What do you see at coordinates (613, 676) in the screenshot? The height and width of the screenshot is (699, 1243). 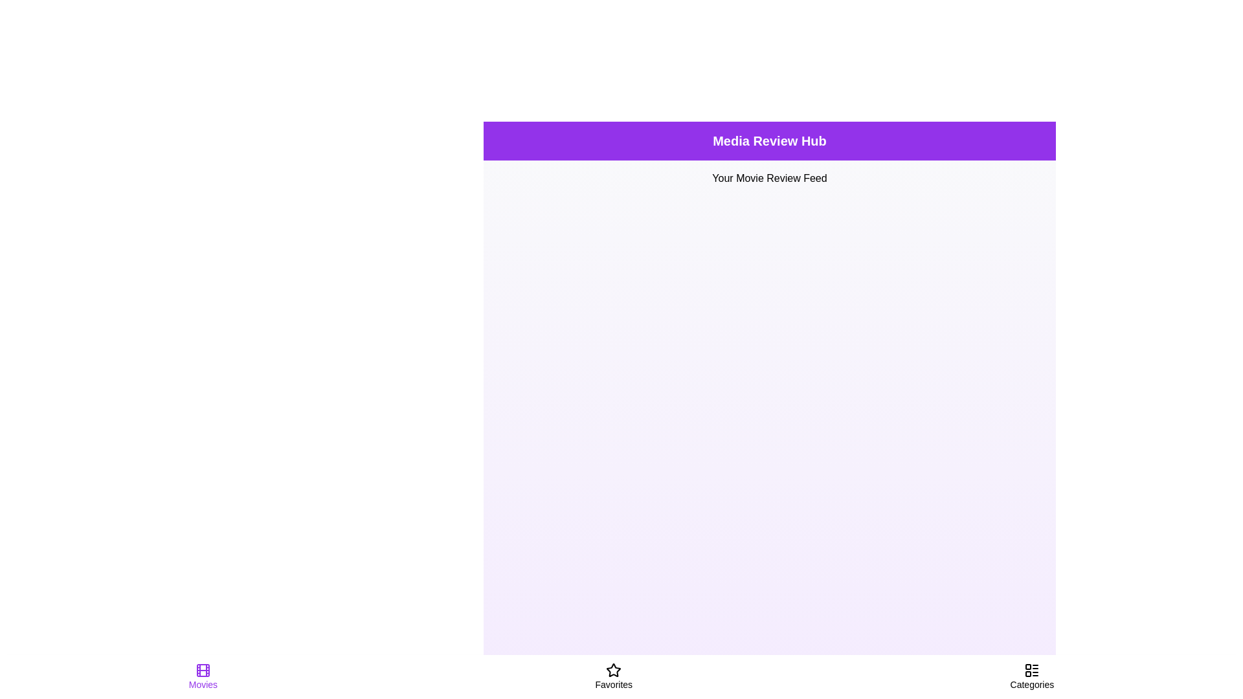 I see `the 'Favorites' button in the bottom navigation bar, which features a star icon and a text label below it` at bounding box center [613, 676].